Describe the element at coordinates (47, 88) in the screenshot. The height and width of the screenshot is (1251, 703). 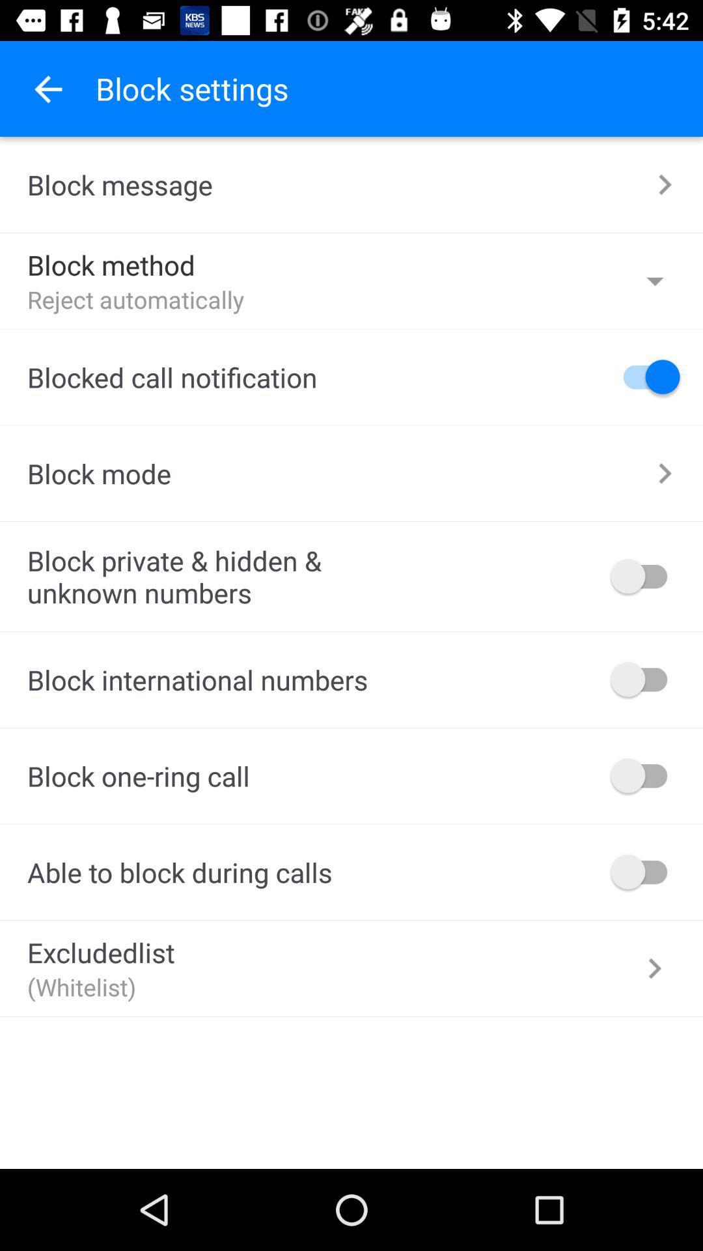
I see `item above block message` at that location.